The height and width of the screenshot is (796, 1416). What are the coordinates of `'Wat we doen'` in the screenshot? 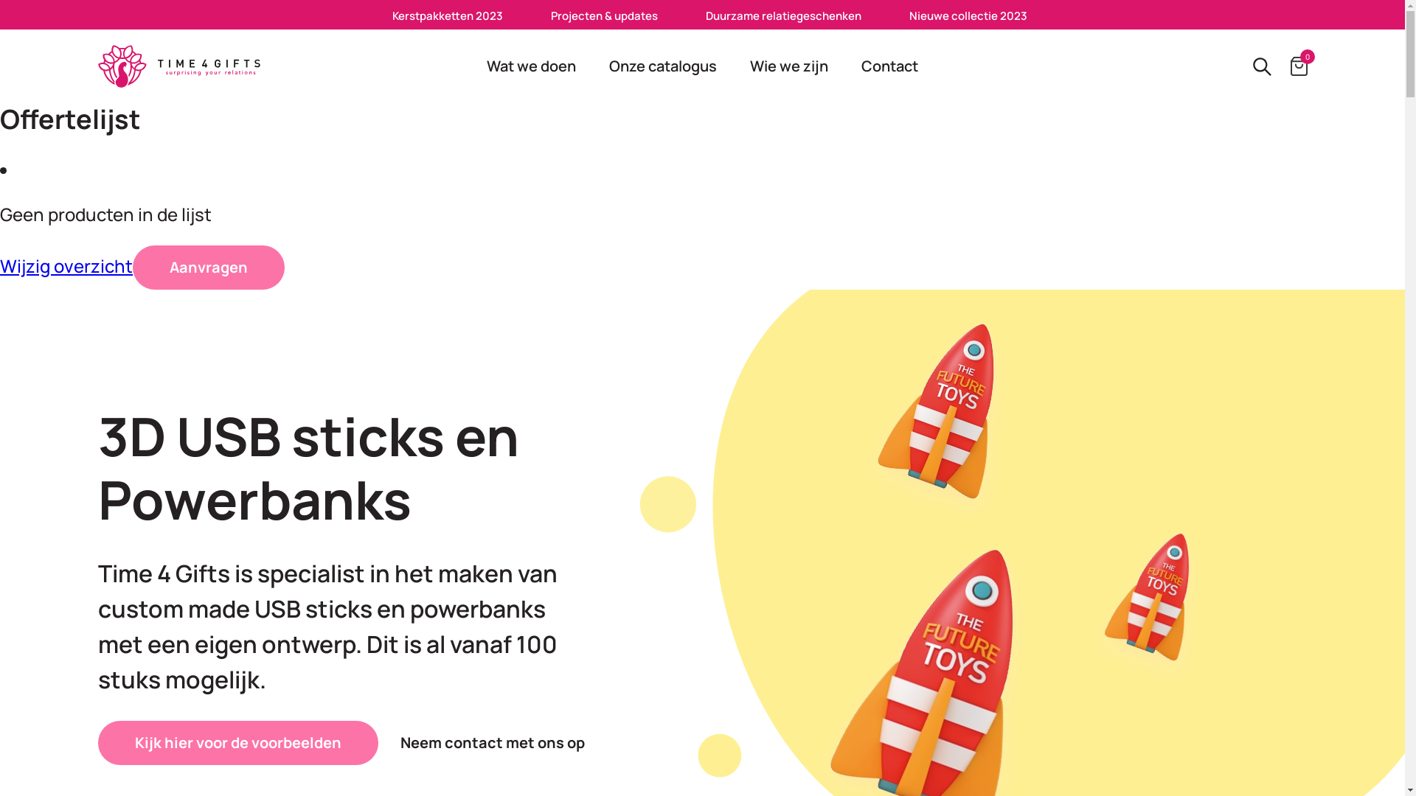 It's located at (531, 65).